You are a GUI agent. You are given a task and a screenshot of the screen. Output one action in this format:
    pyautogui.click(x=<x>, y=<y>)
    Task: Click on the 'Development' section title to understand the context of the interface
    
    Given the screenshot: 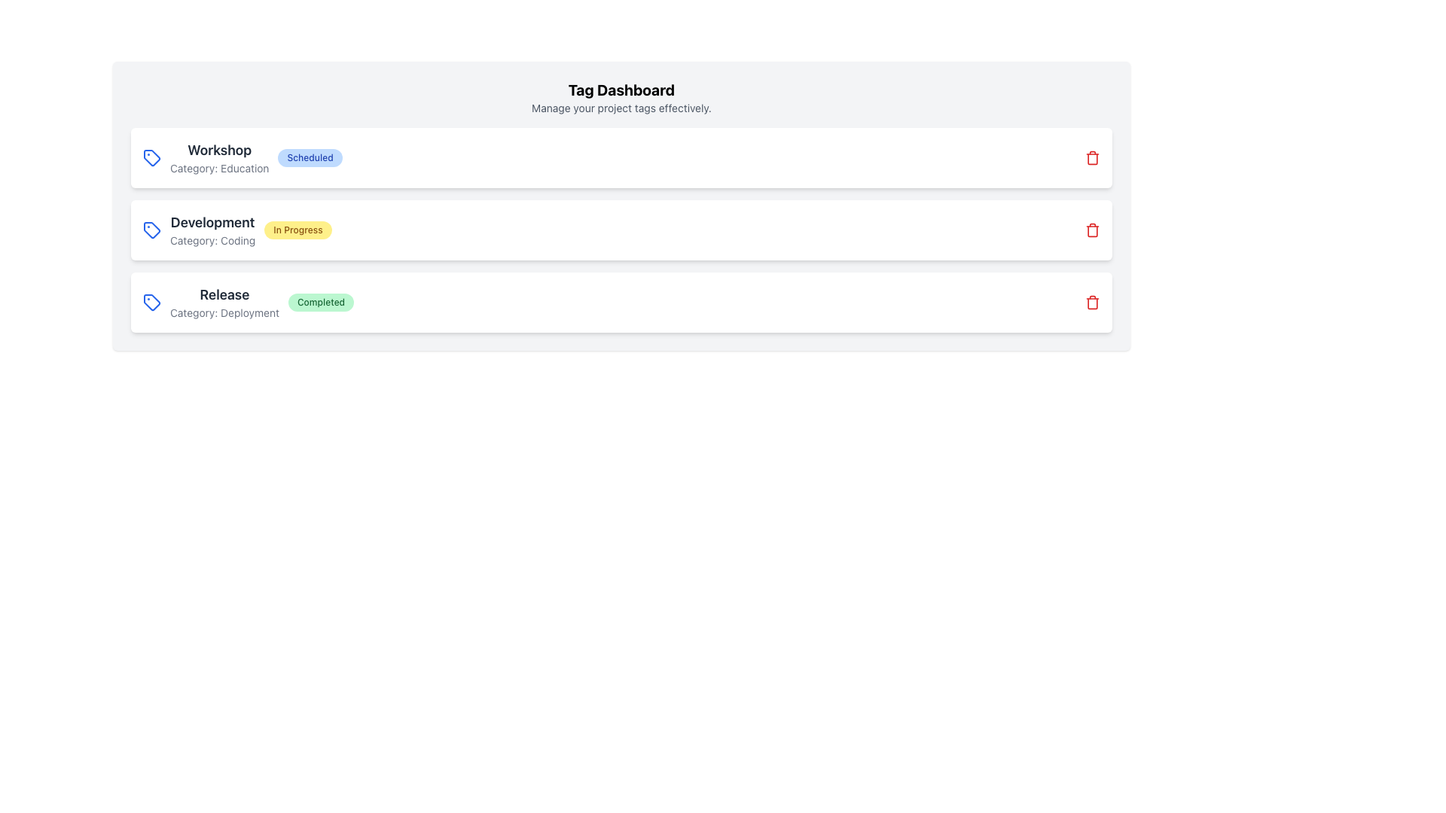 What is the action you would take?
    pyautogui.click(x=212, y=223)
    